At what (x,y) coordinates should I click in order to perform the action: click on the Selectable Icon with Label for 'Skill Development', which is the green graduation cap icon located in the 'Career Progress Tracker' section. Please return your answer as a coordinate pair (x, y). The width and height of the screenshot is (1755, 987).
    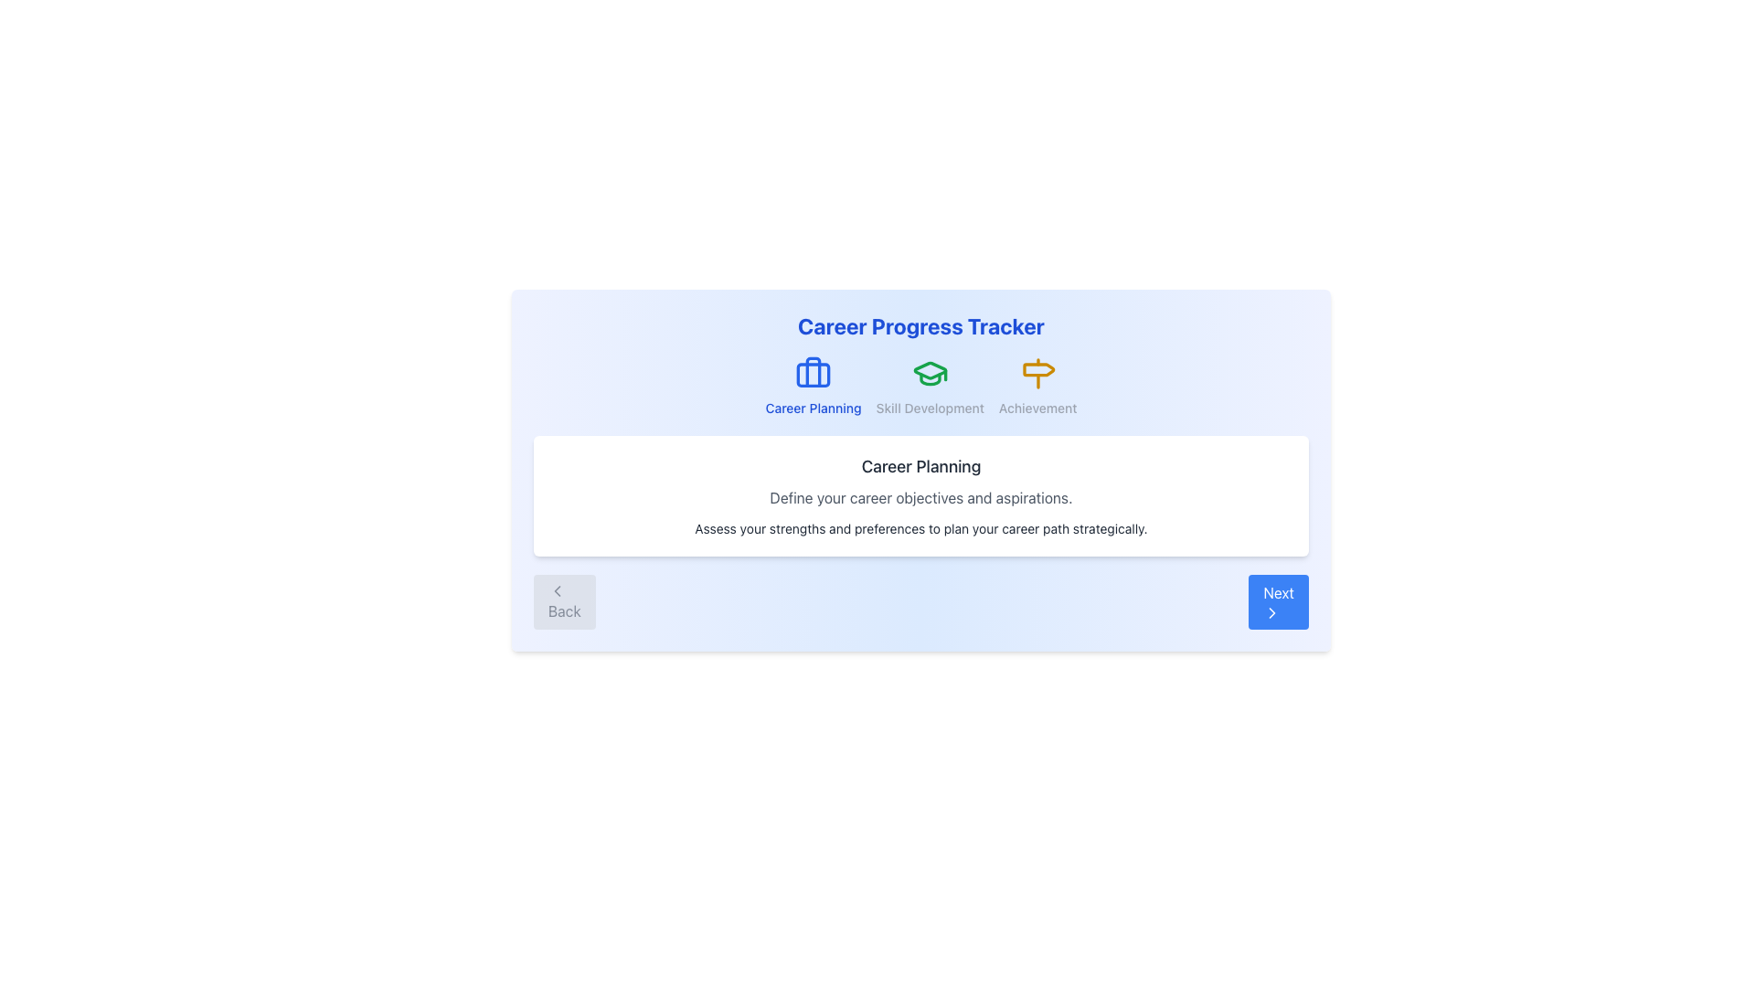
    Looking at the image, I should click on (921, 386).